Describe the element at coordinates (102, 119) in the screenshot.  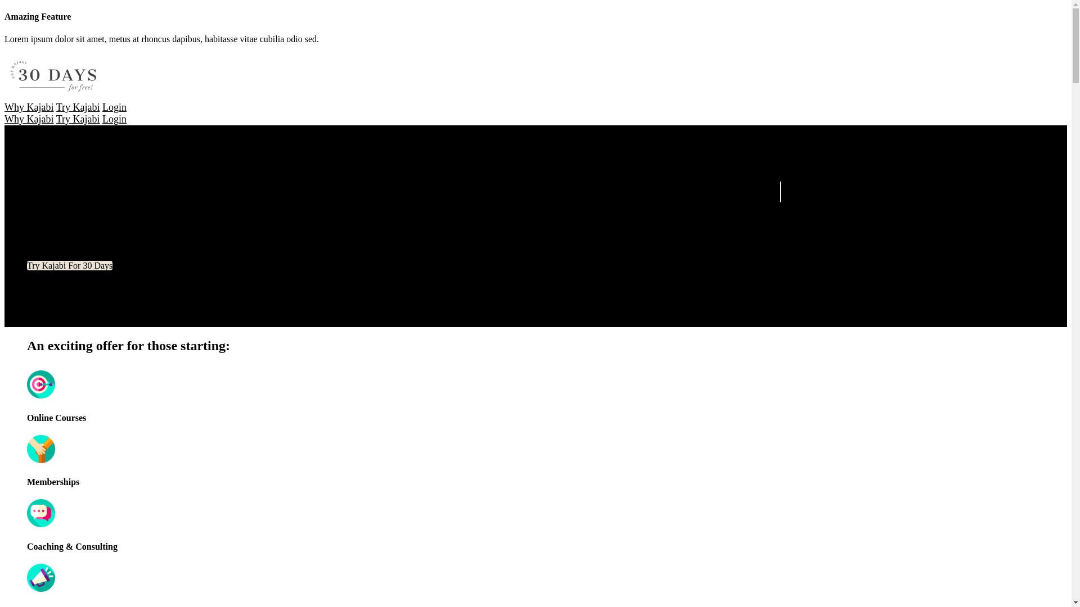
I see `'Login'` at that location.